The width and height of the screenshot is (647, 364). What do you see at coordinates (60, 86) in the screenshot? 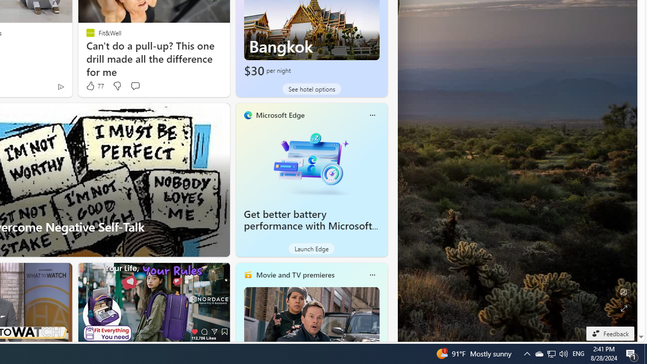
I see `'Ad Choice'` at bounding box center [60, 86].